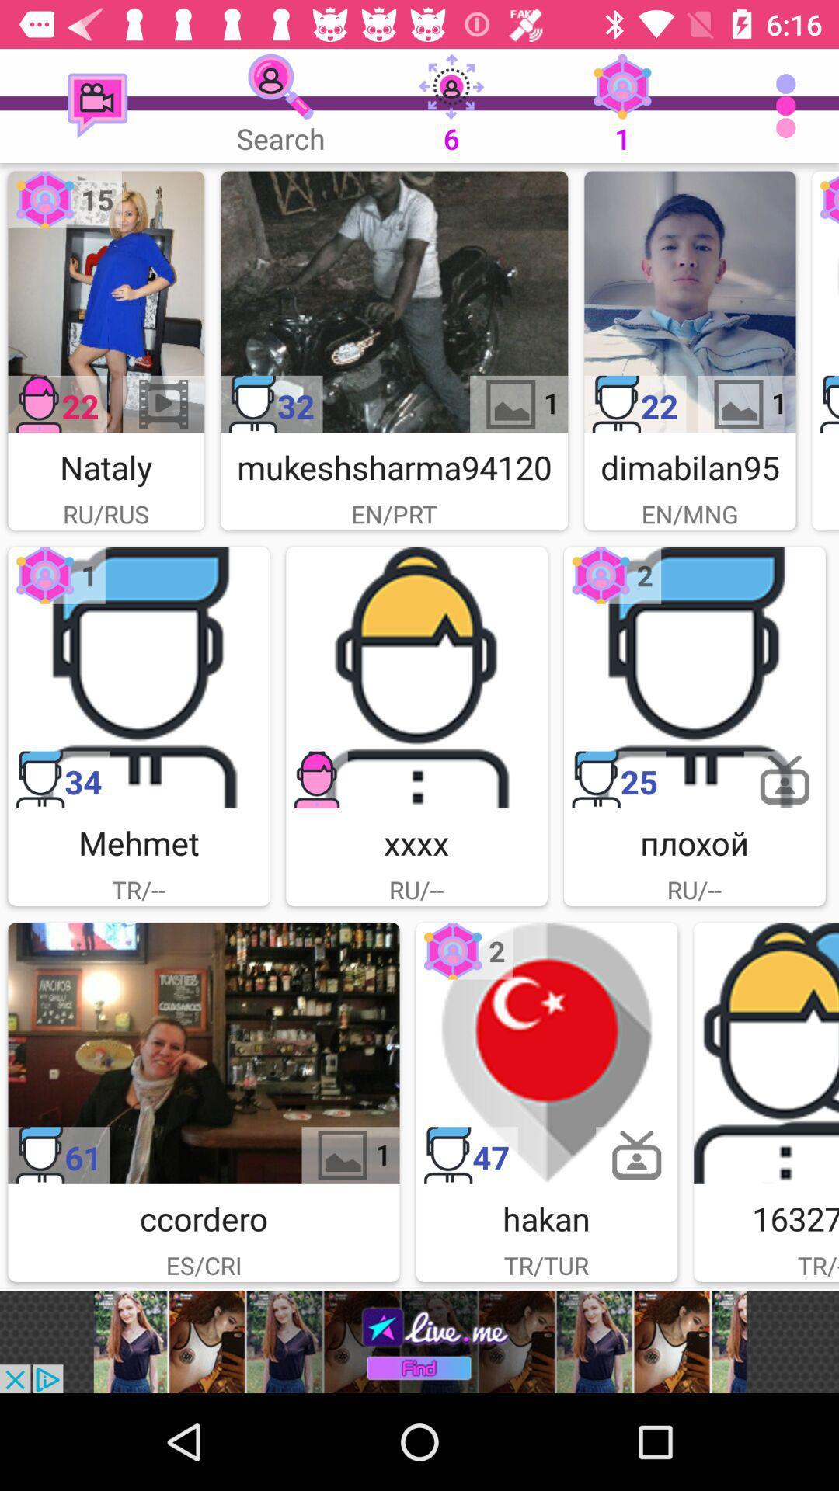 Image resolution: width=839 pixels, height=1491 pixels. What do you see at coordinates (105, 301) in the screenshot?
I see `video chat person` at bounding box center [105, 301].